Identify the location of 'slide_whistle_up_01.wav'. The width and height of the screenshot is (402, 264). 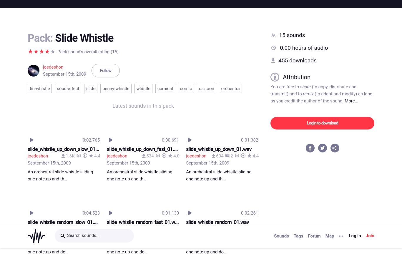
(212, 70).